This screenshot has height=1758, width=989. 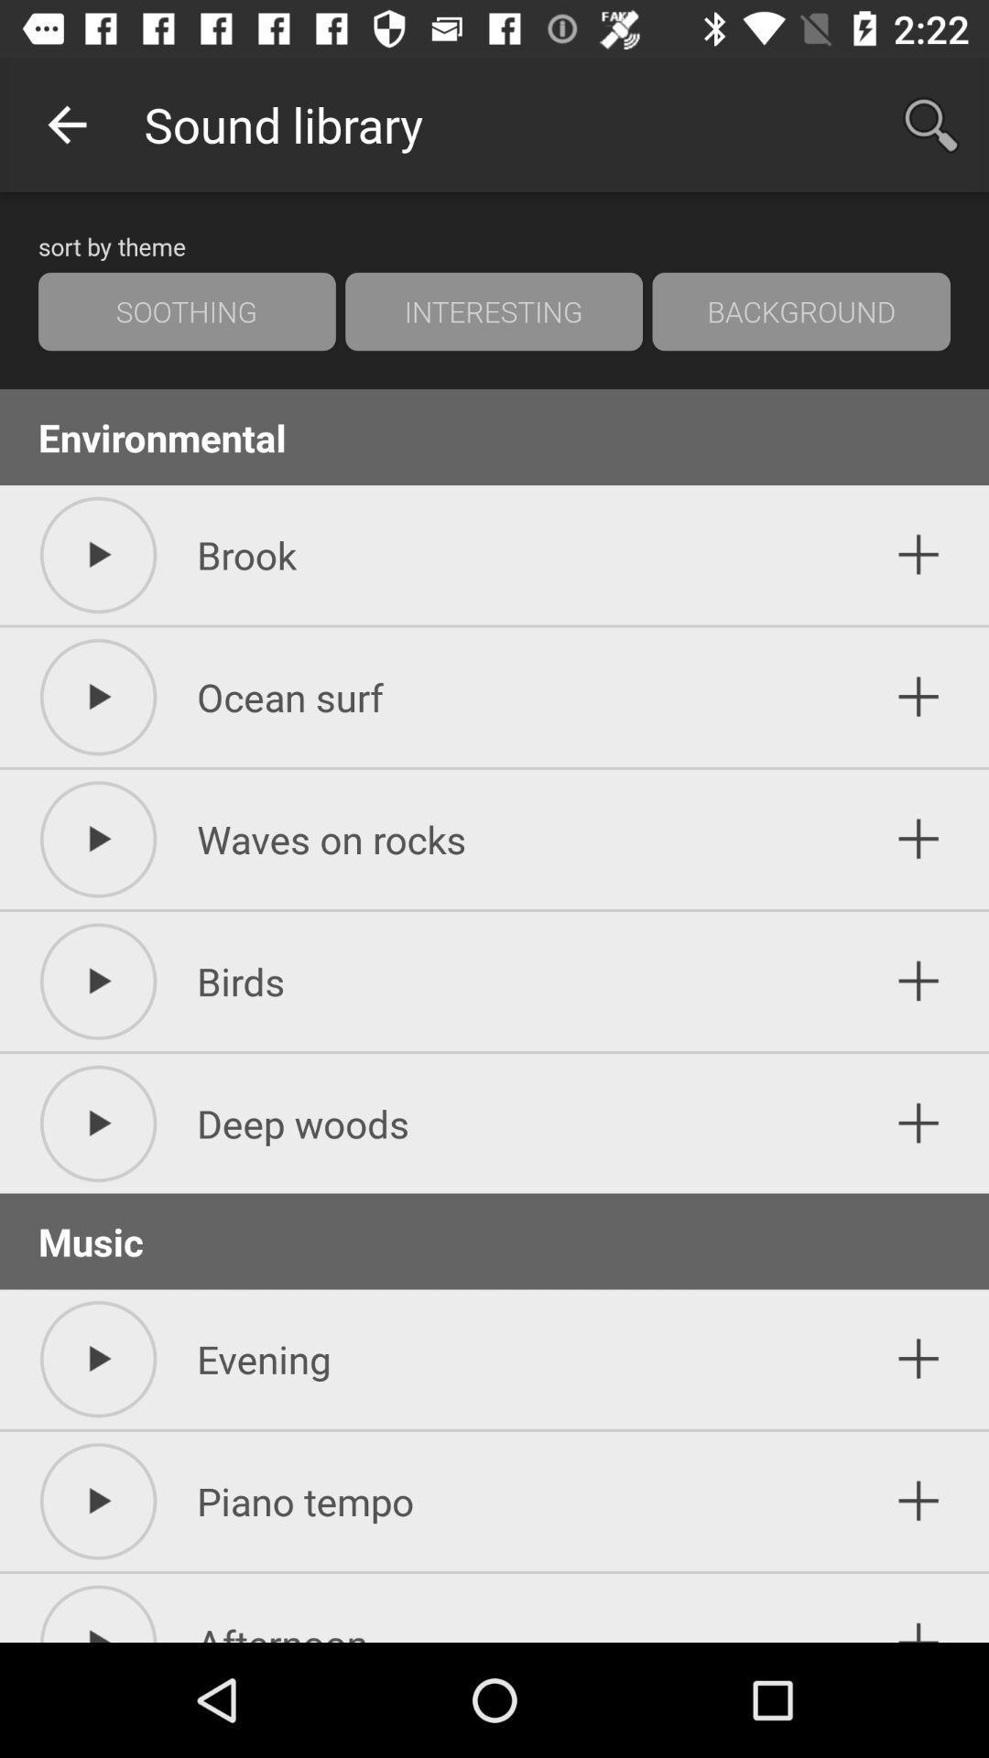 I want to click on music, so click(x=918, y=1123).